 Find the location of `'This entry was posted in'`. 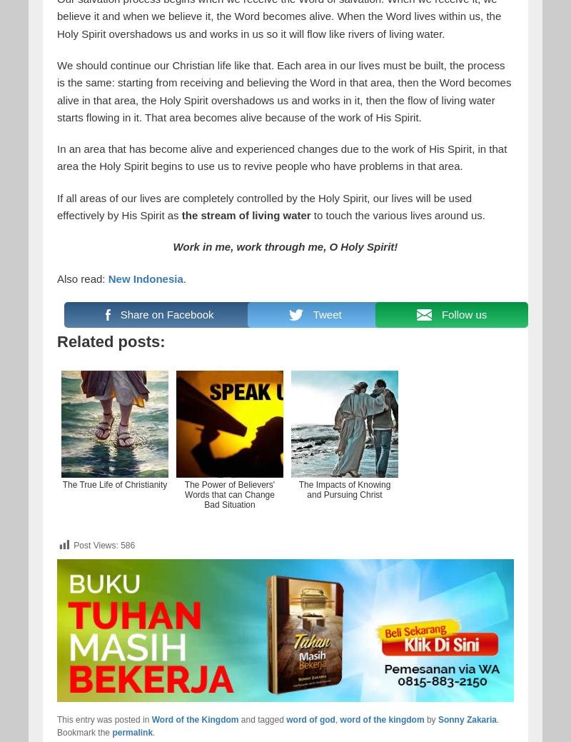

'This entry was posted in' is located at coordinates (104, 718).